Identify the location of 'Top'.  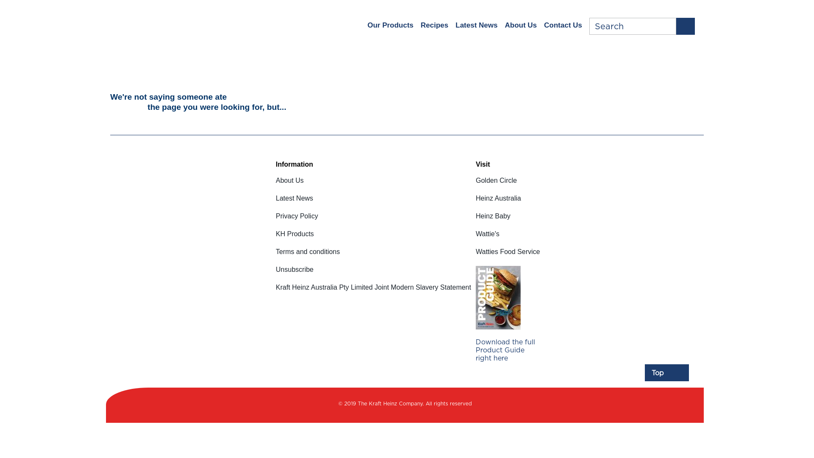
(666, 372).